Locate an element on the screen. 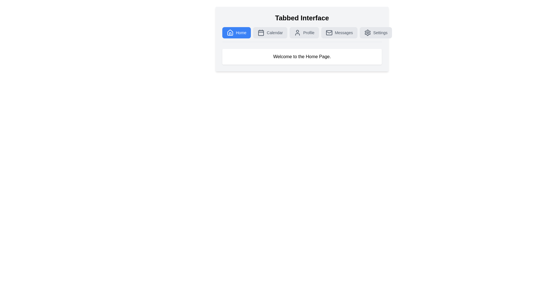 The height and width of the screenshot is (305, 543). text of the 'Settings' label located at the top right of the navigation interface, which visually indicates its function to access settings-related features is located at coordinates (380, 32).